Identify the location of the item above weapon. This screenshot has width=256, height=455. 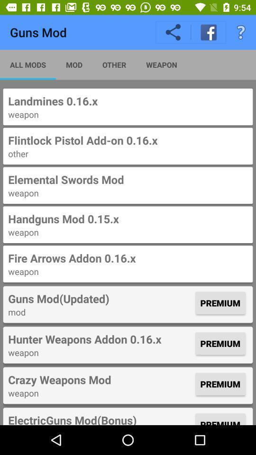
(128, 179).